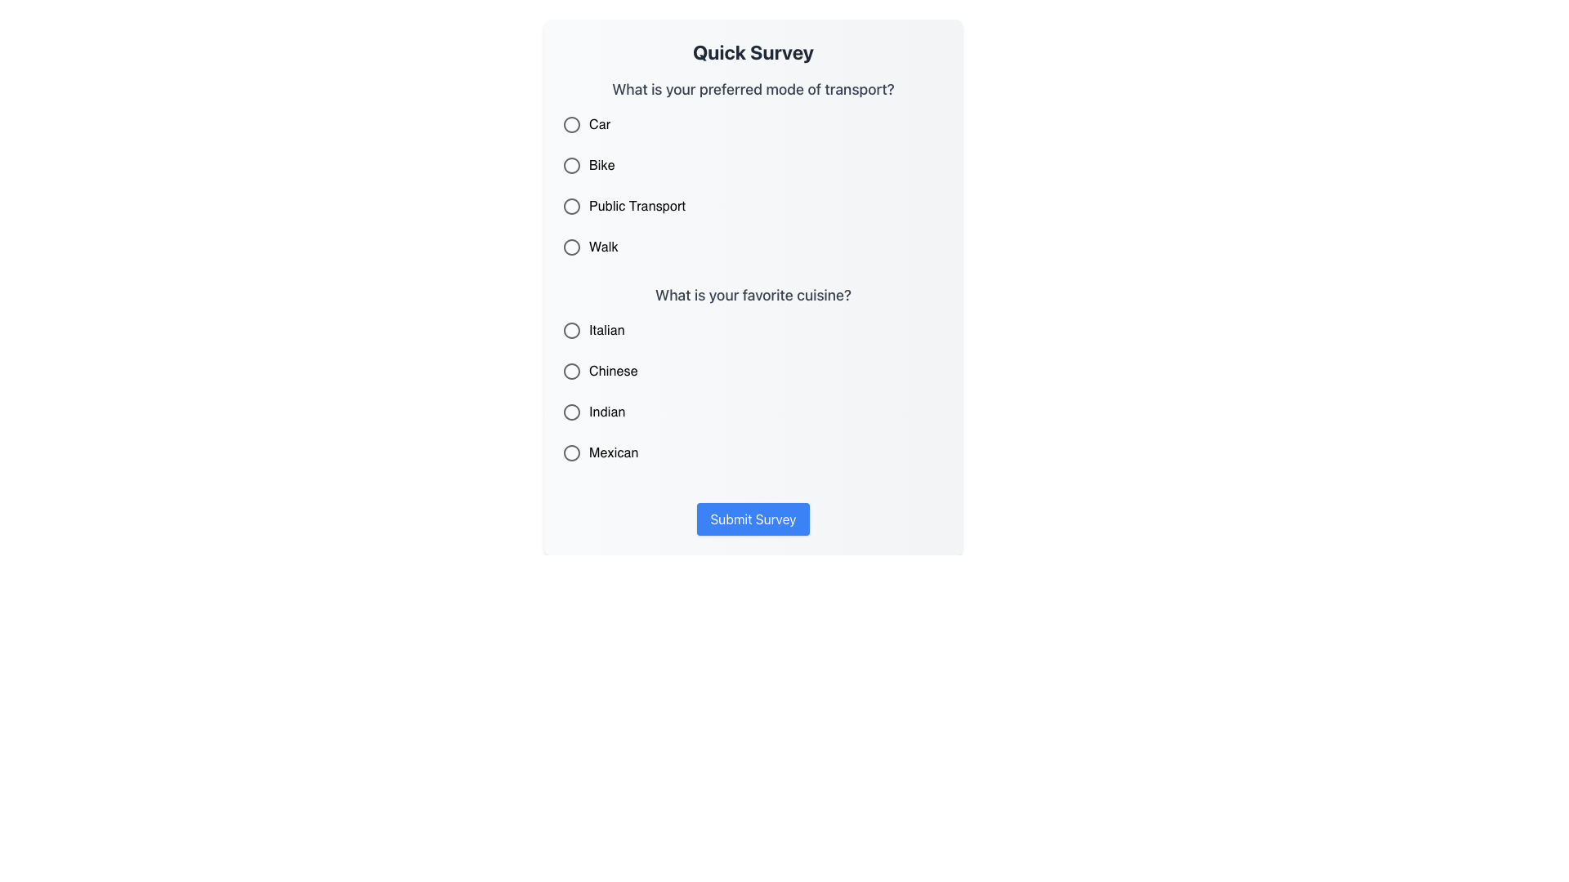  I want to click on the radio button, so click(752, 377).